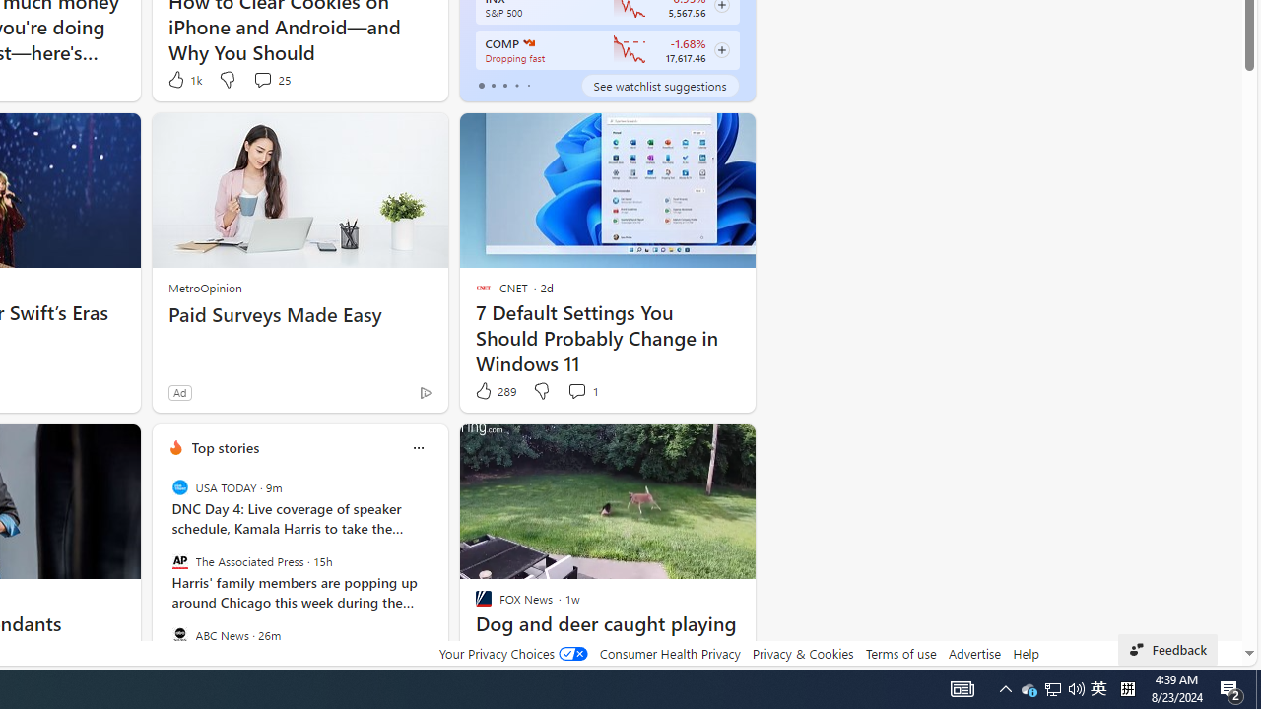 The width and height of the screenshot is (1261, 709). What do you see at coordinates (270, 79) in the screenshot?
I see `'View comments 25 Comment'` at bounding box center [270, 79].